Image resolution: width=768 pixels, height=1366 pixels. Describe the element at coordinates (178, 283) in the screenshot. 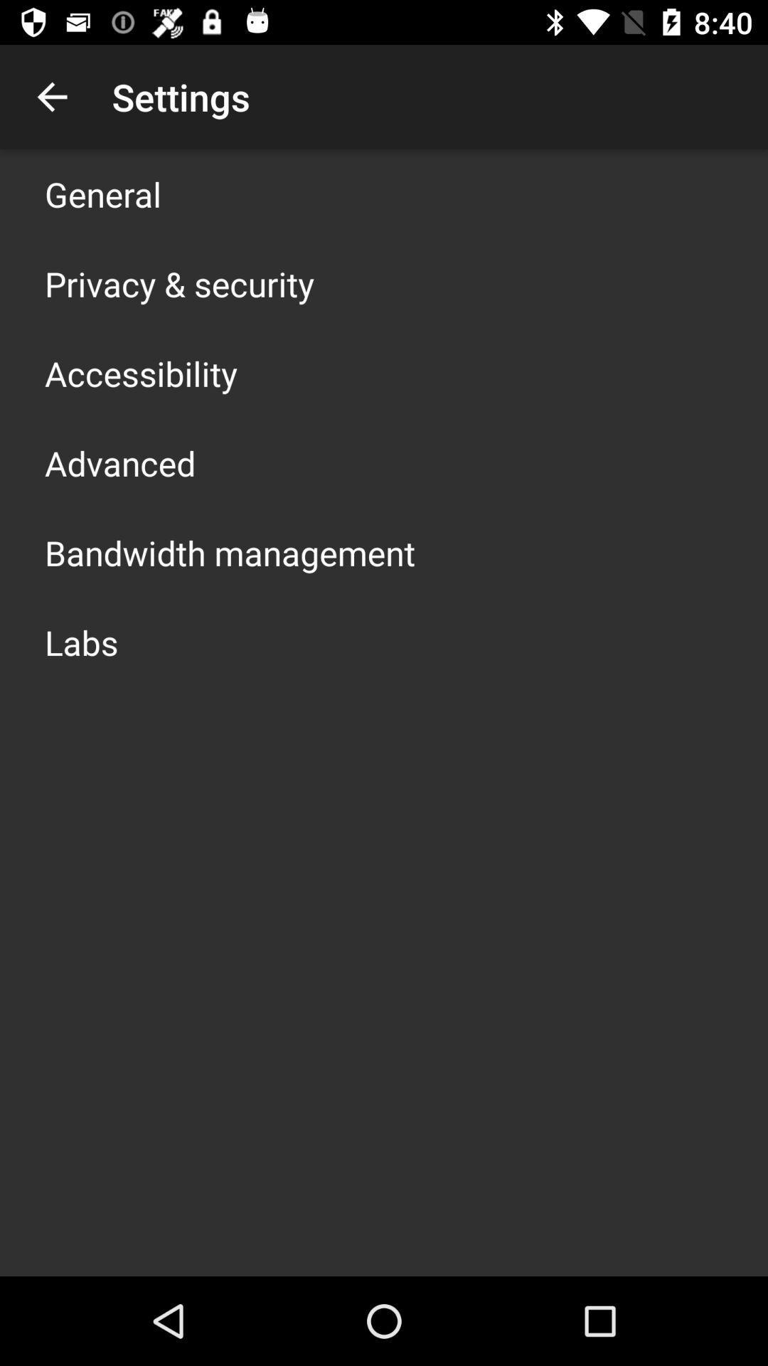

I see `item below general icon` at that location.